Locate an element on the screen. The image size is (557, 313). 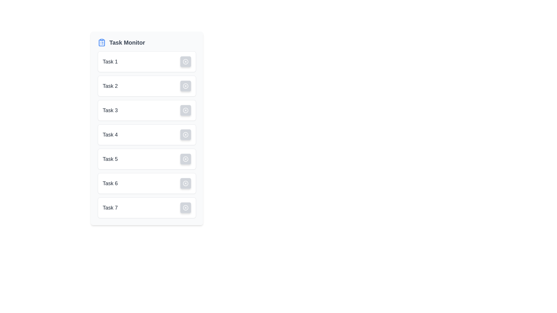
the label displaying the name or identifier of the fourth task in the vertical list of tasks, located on the left-hand side of the interface is located at coordinates (110, 135).